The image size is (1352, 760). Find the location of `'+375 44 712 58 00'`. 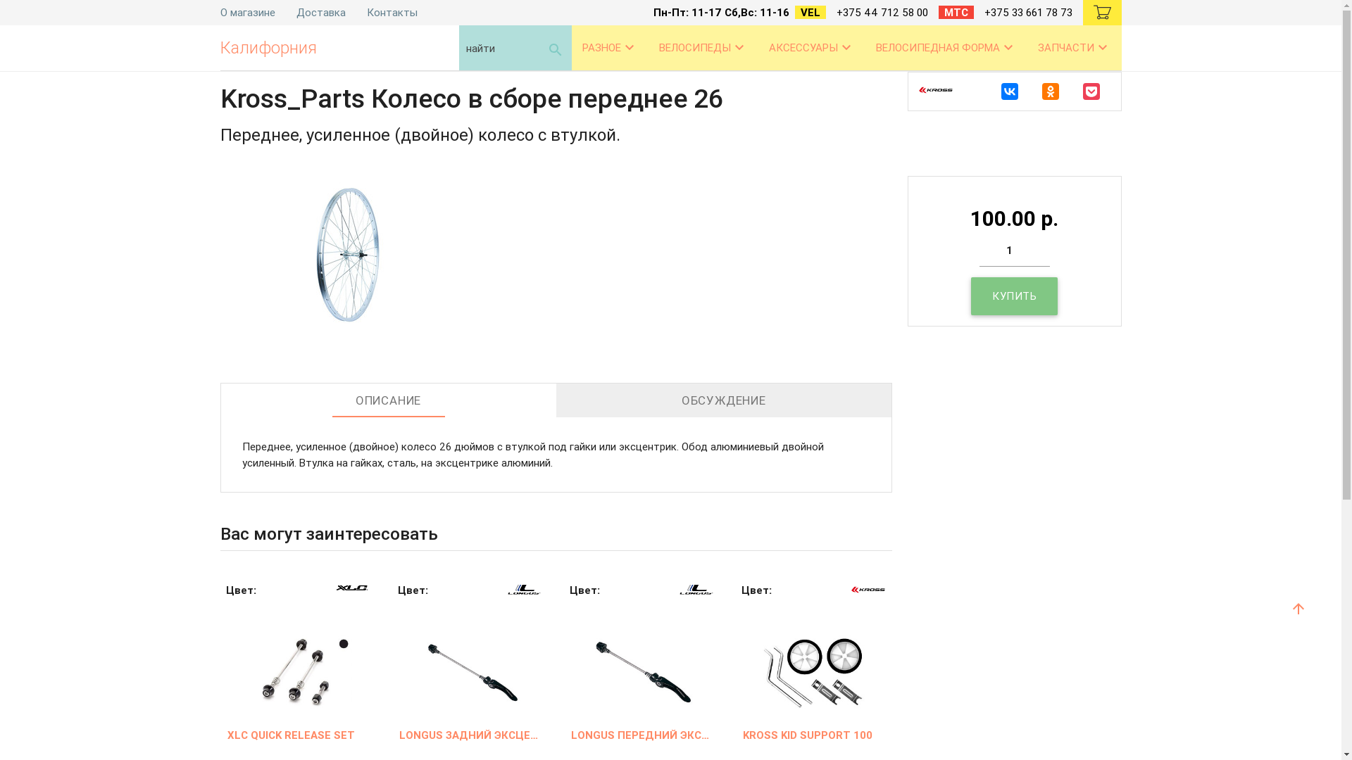

'+375 44 712 58 00' is located at coordinates (881, 13).